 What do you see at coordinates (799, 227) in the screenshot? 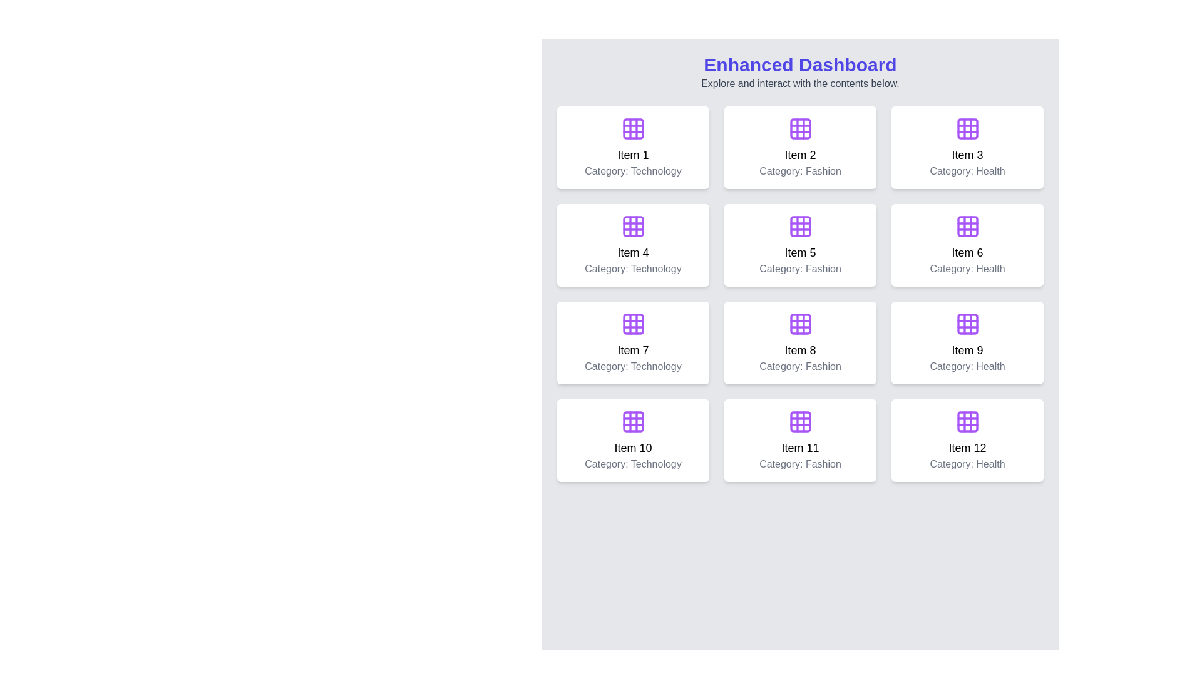
I see `the middle block of the purple 3x3 grid icon in the fifth card labeled 'Item 5' under 'Fashion'` at bounding box center [799, 227].